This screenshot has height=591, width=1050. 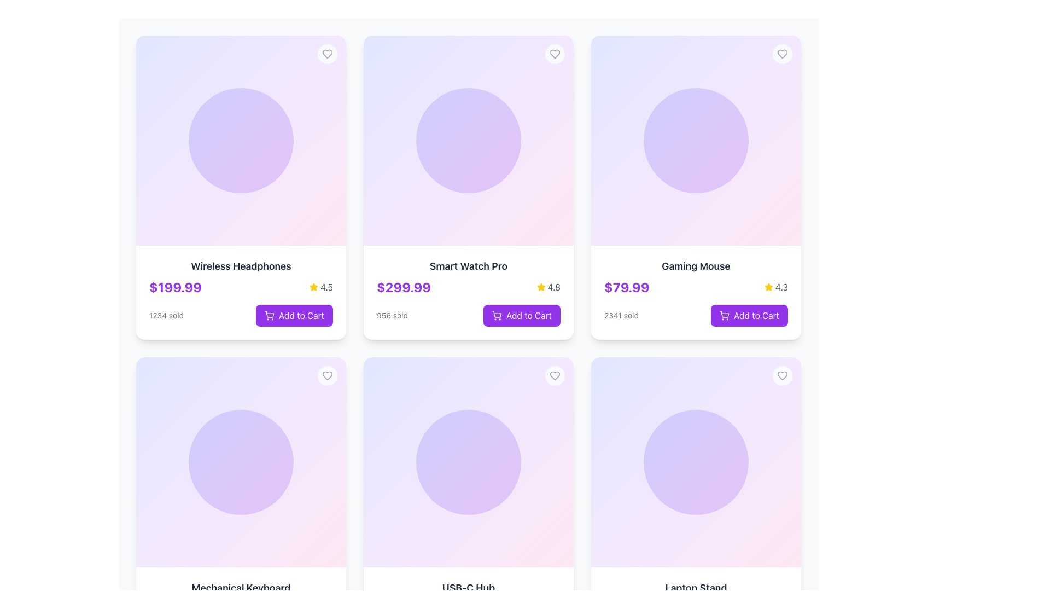 I want to click on the text label indicating the average user rating of the product 'Smart Watch Pro', located in the top-right corner next to the yellow star icon, so click(x=549, y=286).